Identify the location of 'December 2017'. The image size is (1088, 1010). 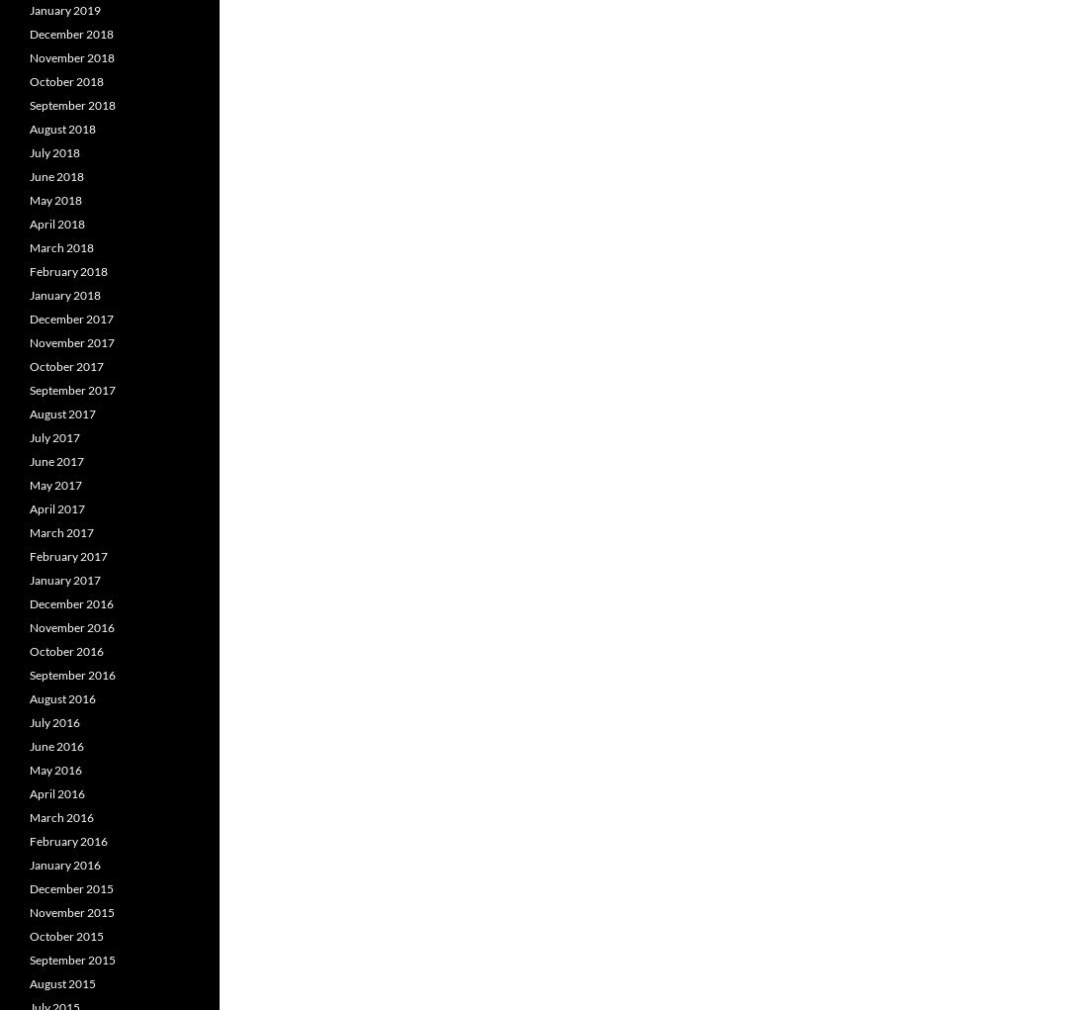
(71, 318).